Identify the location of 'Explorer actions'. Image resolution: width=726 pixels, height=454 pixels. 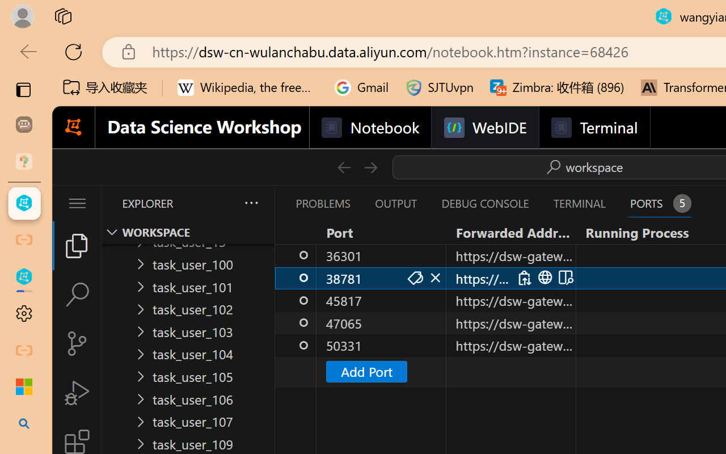
(222, 203).